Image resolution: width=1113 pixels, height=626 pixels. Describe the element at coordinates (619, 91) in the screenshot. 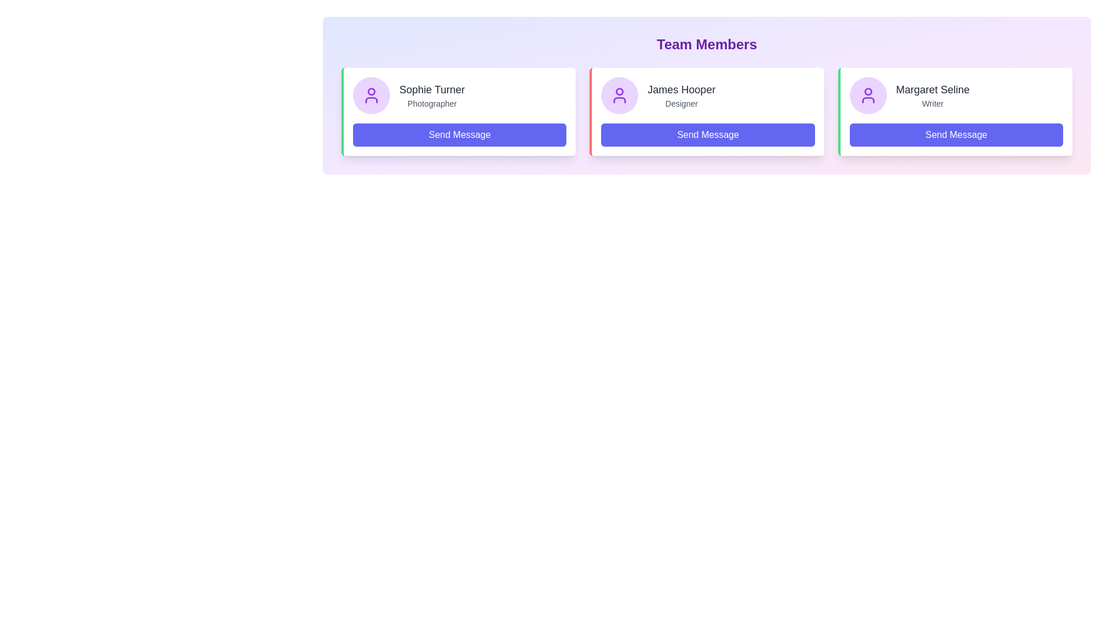

I see `the small purple circular SVG element that is part of the profile icon for 'James Hooper', located in the upper left section of the user card` at that location.